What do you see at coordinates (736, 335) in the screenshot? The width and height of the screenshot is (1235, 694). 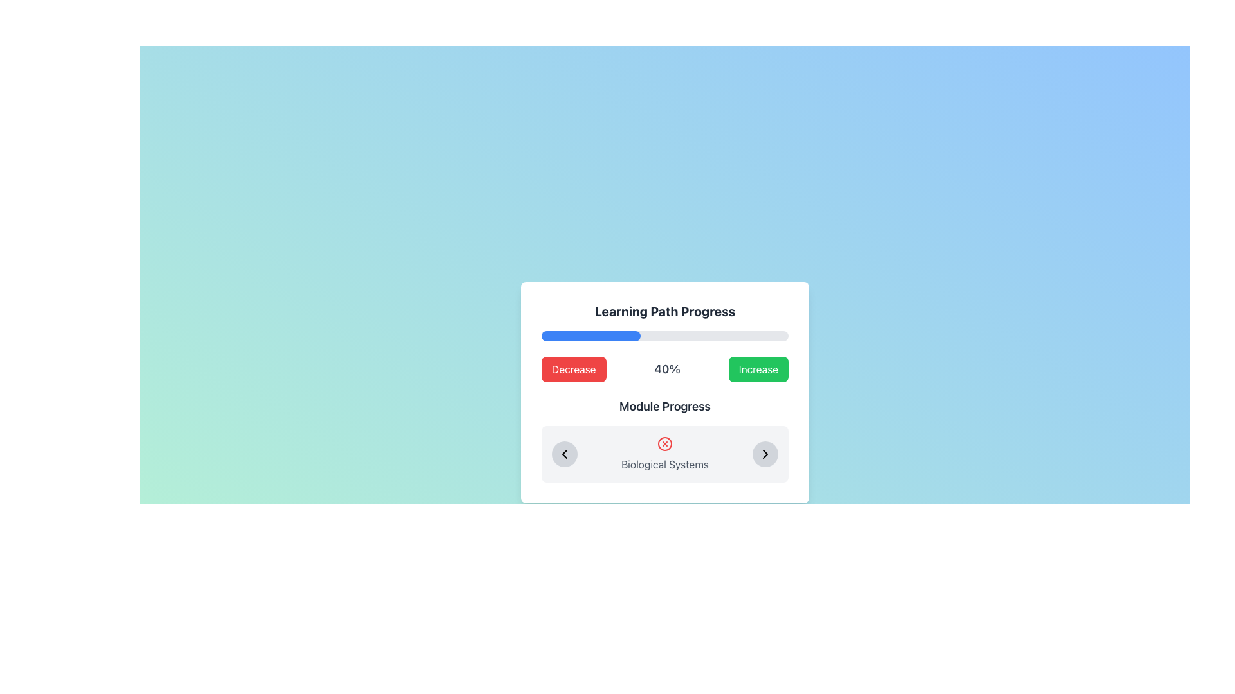 I see `progress` at bounding box center [736, 335].